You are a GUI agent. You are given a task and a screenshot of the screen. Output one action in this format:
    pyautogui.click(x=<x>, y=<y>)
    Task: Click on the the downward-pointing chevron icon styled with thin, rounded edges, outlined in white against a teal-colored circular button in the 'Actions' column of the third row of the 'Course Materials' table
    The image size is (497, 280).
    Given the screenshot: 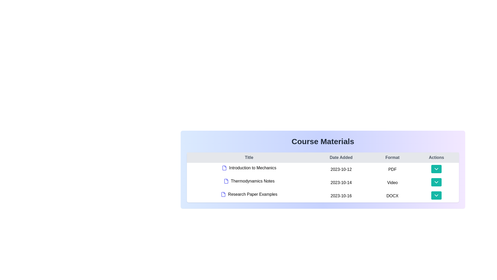 What is the action you would take?
    pyautogui.click(x=436, y=195)
    